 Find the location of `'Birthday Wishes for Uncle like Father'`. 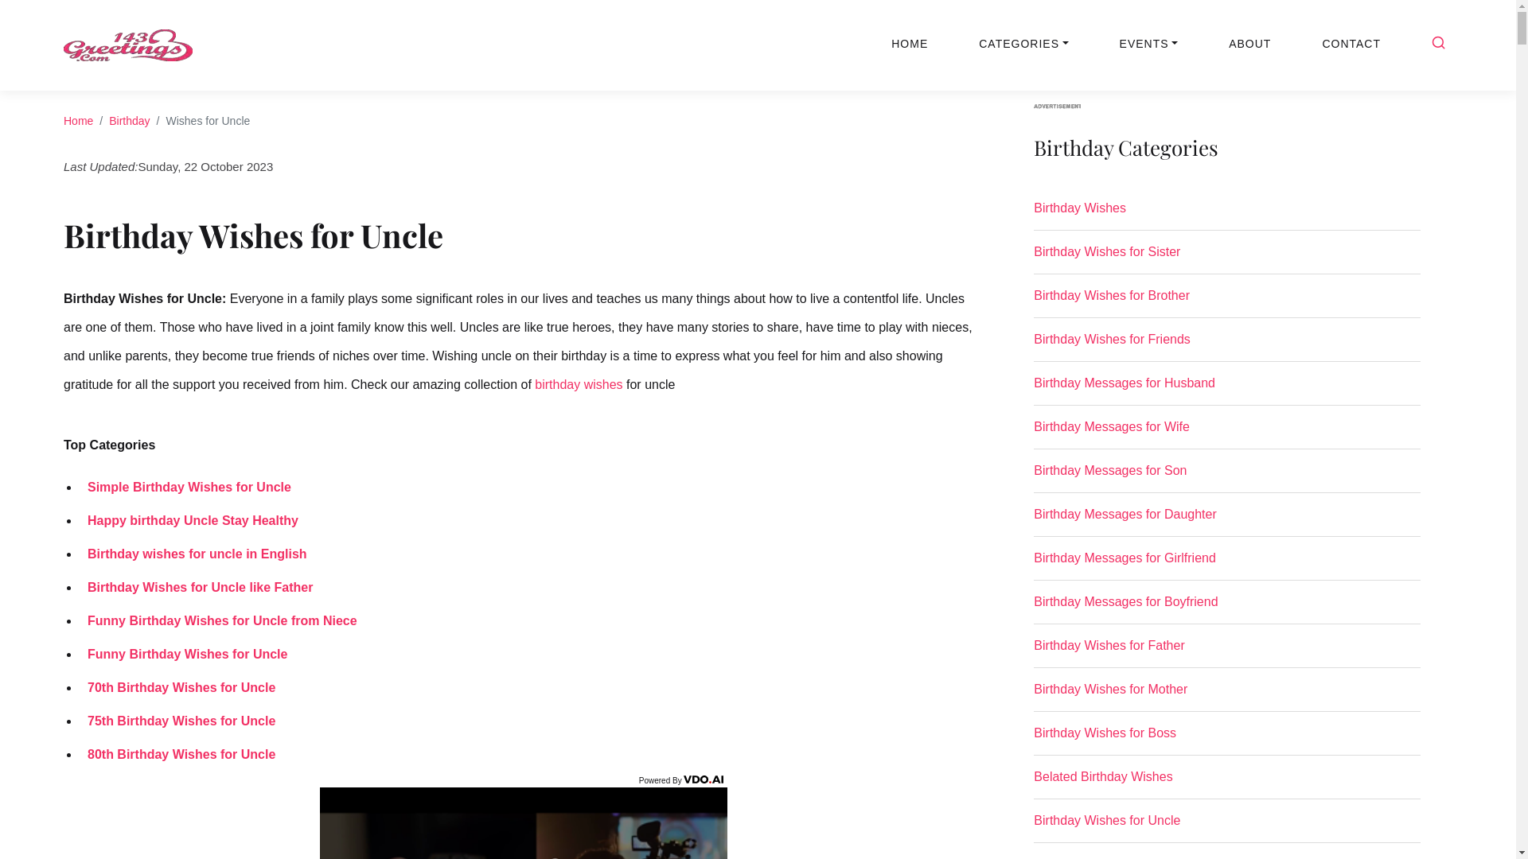

'Birthday Wishes for Uncle like Father' is located at coordinates (79, 587).